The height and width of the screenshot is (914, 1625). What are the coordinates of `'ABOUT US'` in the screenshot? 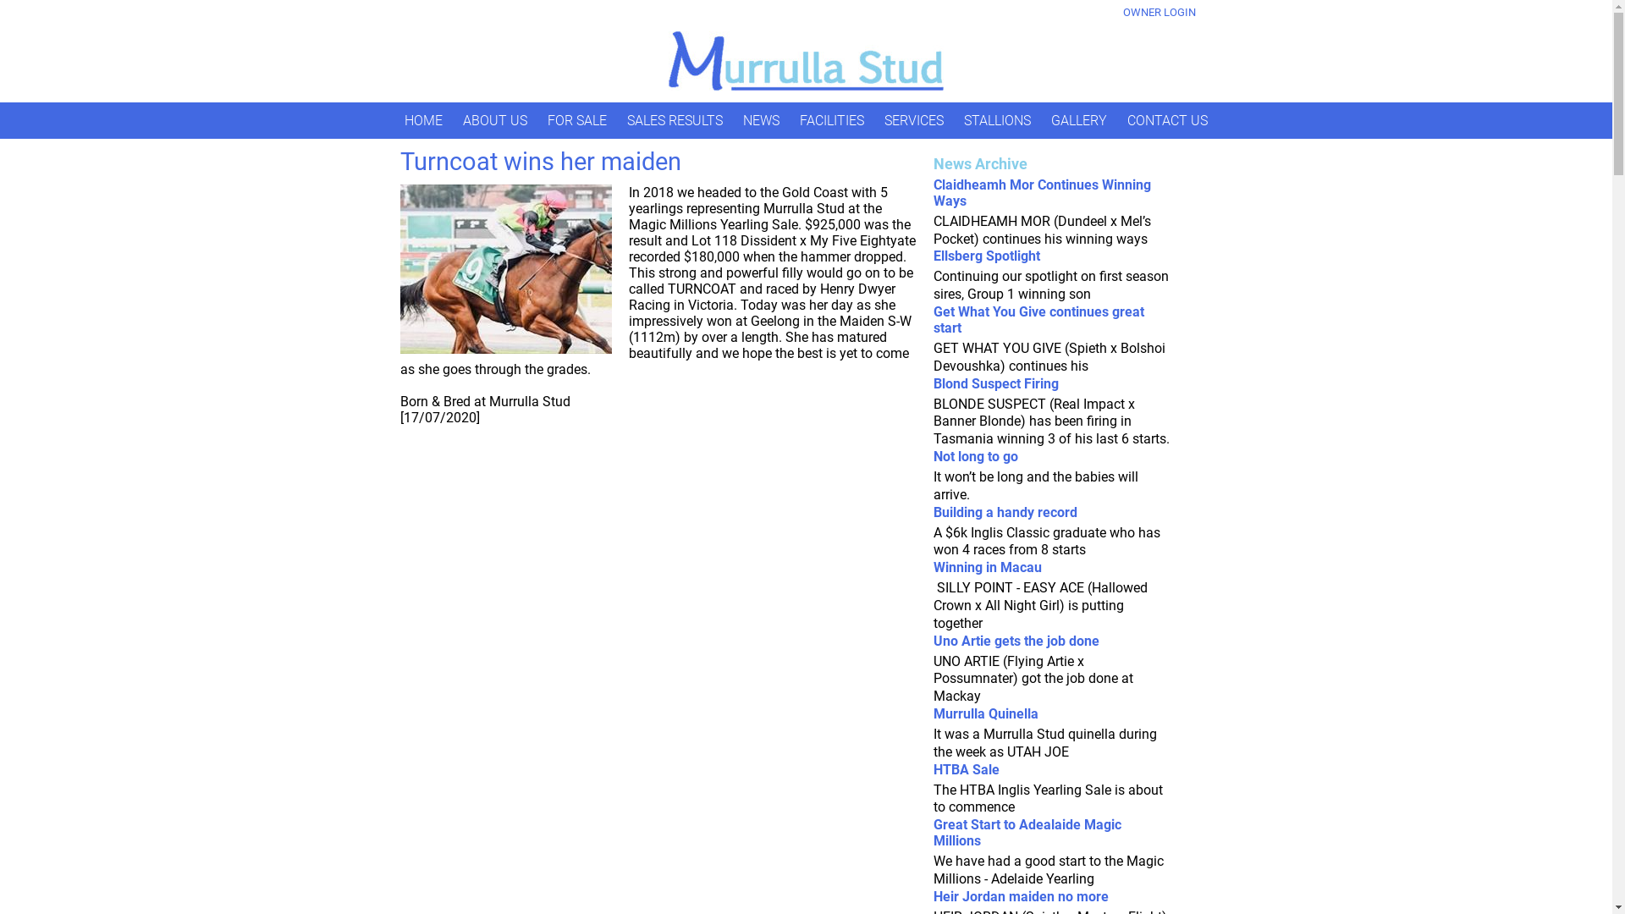 It's located at (499, 119).